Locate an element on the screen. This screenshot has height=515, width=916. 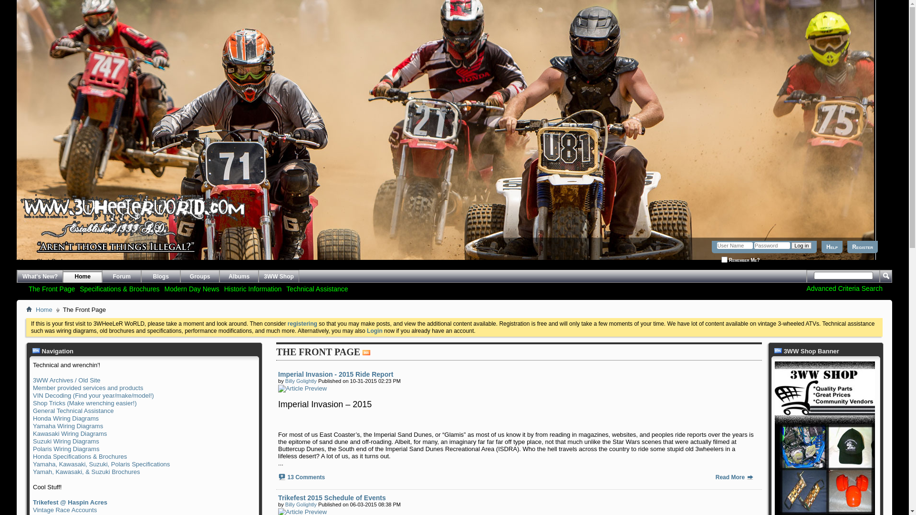
'Imperial Invasion - 2015 Ride Report' is located at coordinates (335, 374).